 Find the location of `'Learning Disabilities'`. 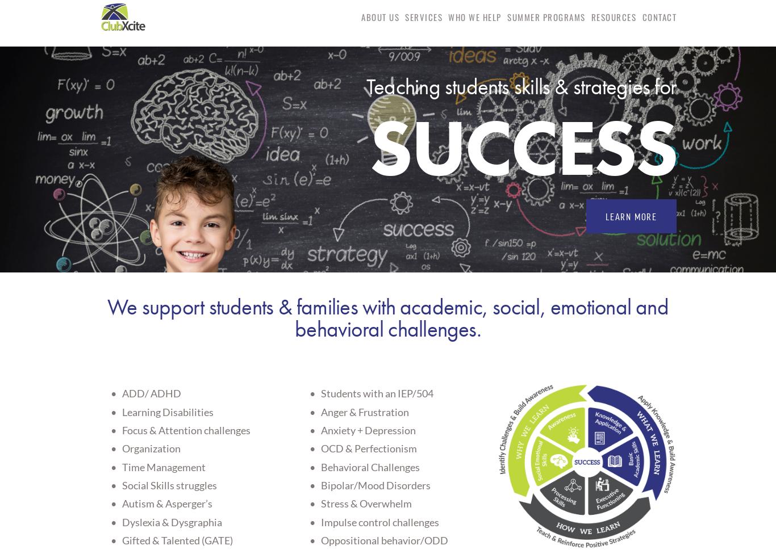

'Learning Disabilities' is located at coordinates (122, 410).